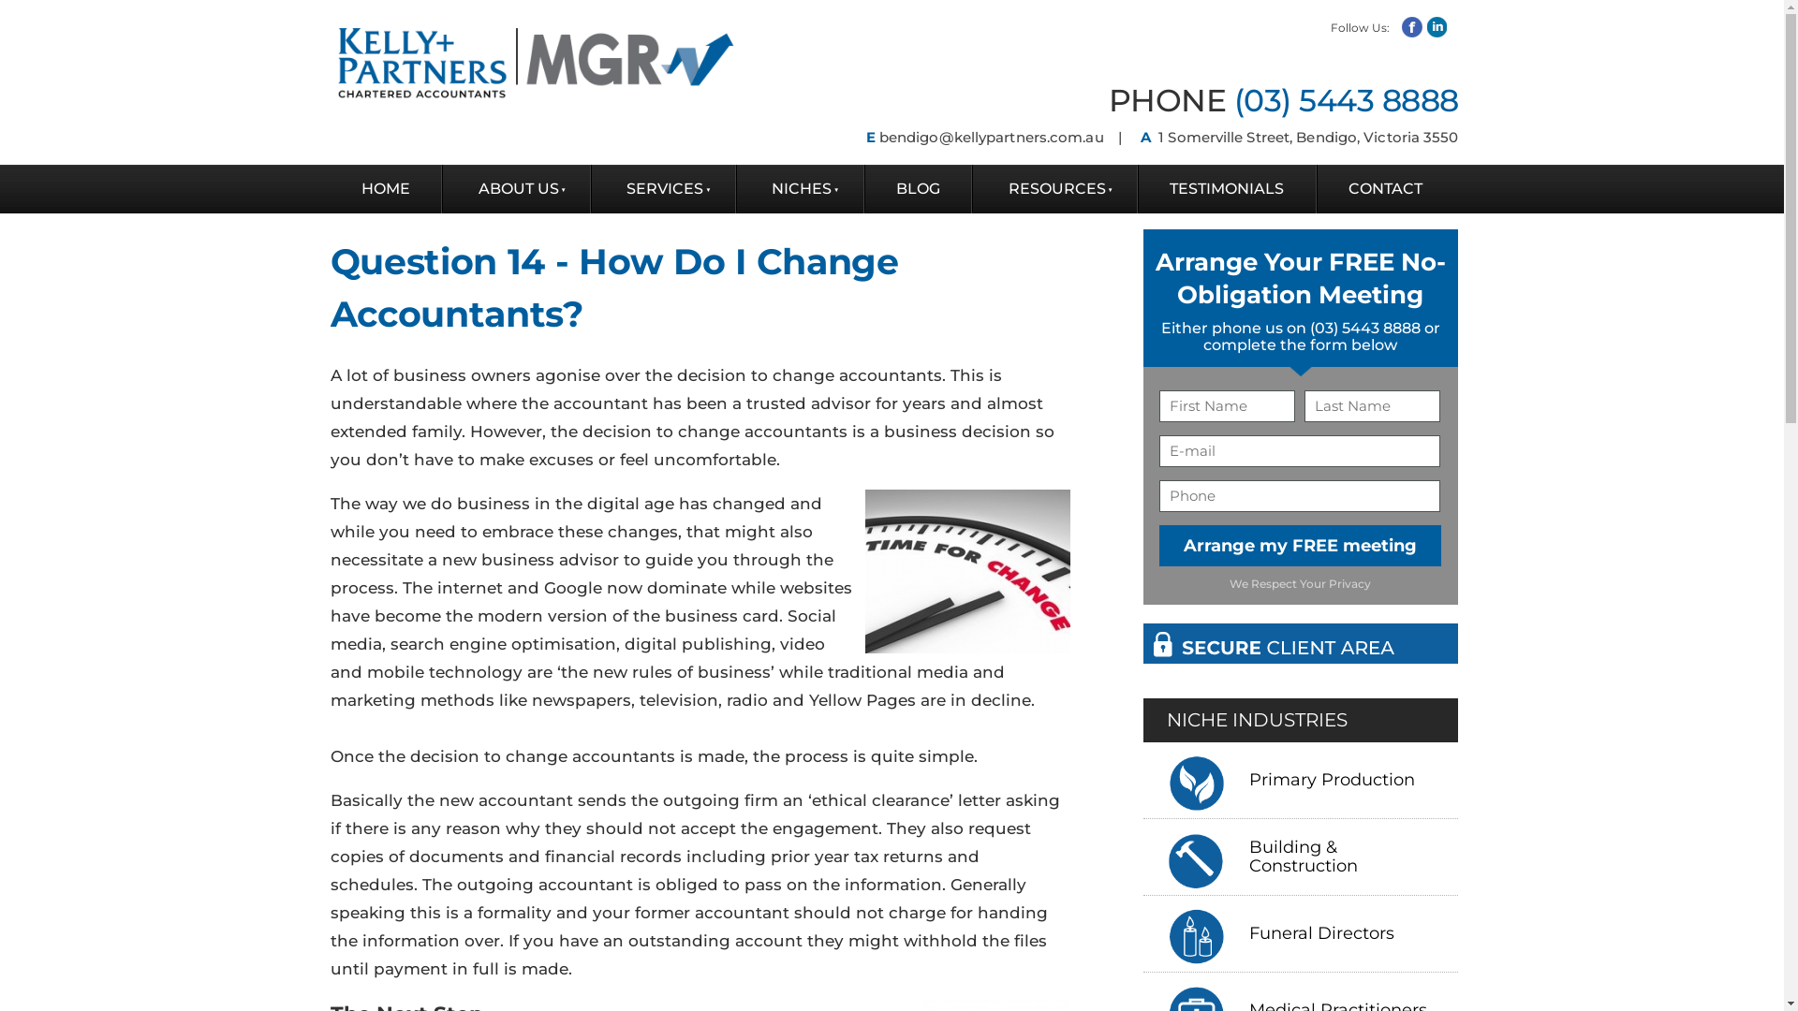  What do you see at coordinates (1054, 188) in the screenshot?
I see `'RESOURCES'` at bounding box center [1054, 188].